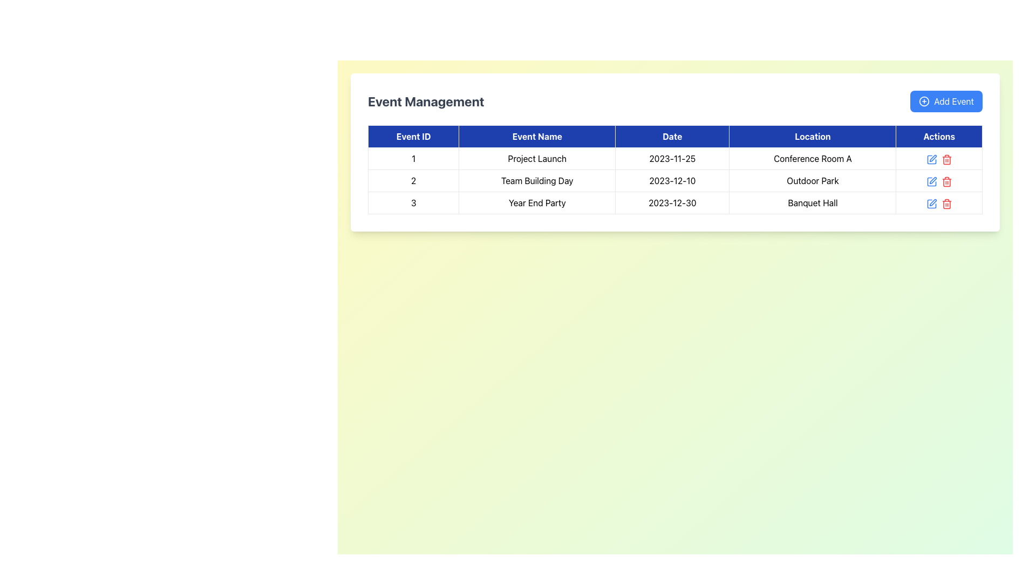  What do you see at coordinates (672, 202) in the screenshot?
I see `text displayed in the third cell under the 'Date' column of the 'Event Management' table, which corresponds to the event 'Year End Party'` at bounding box center [672, 202].